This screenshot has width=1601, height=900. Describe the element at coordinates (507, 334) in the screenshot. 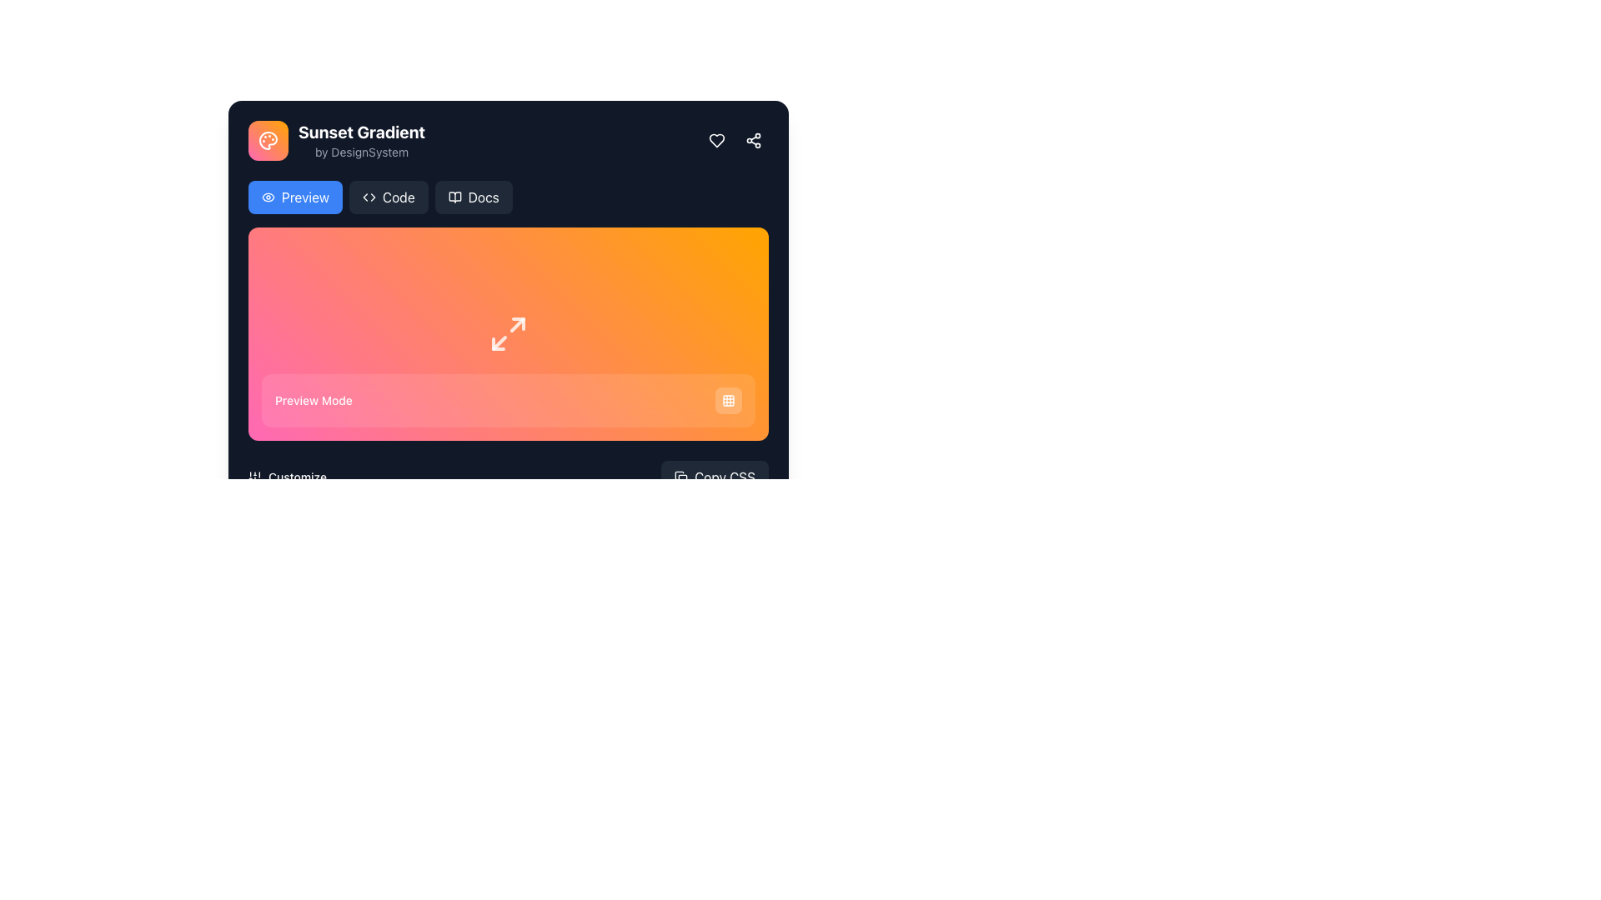

I see `the button icon with diagonal arrows located at the center of the 'Preview Mode' section, which has a gradient background transitioning from pink to orange` at that location.